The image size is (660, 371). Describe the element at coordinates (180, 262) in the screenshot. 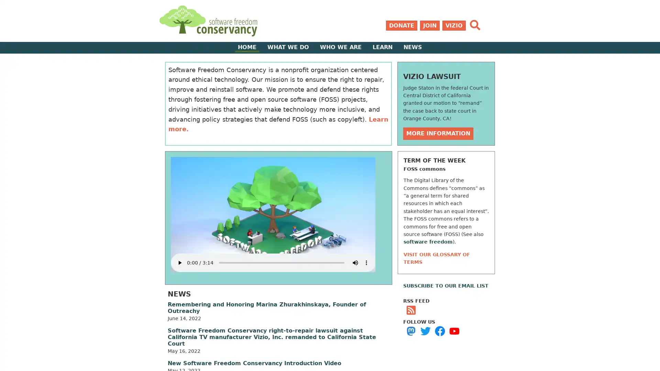

I see `play` at that location.